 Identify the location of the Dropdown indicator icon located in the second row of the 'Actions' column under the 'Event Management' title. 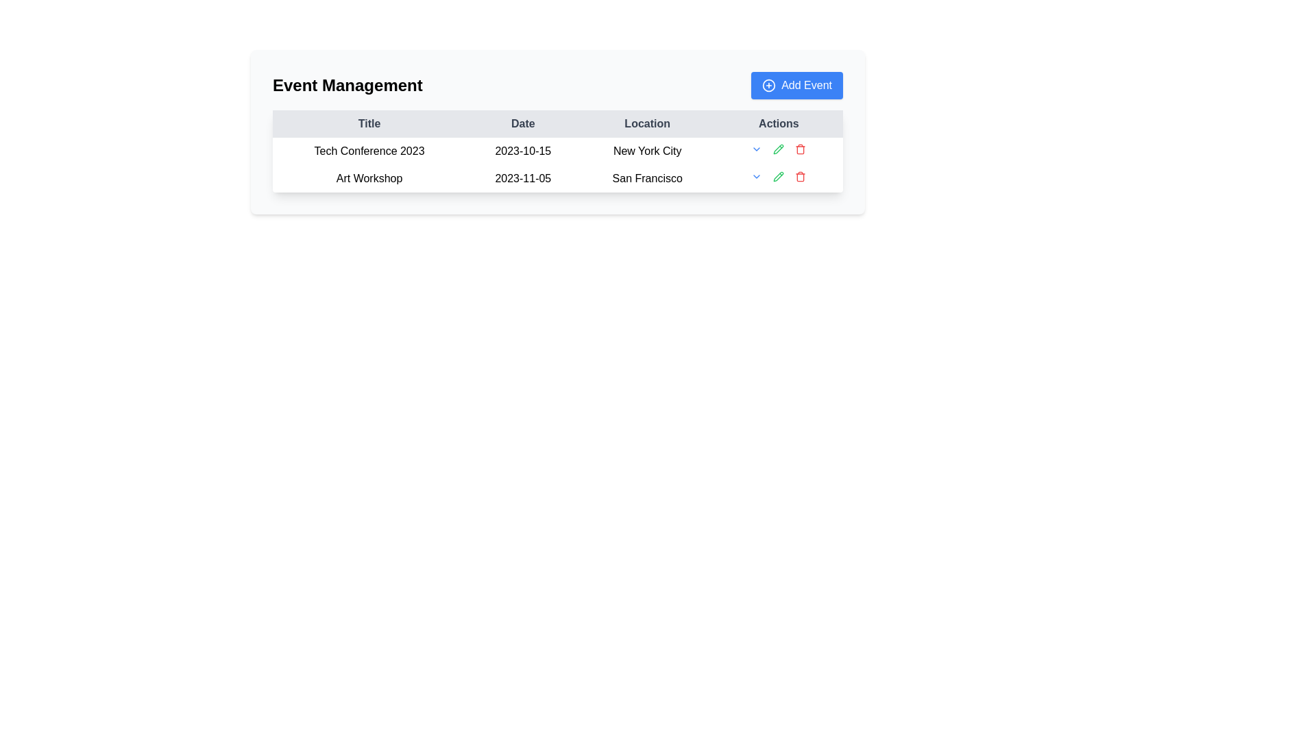
(756, 176).